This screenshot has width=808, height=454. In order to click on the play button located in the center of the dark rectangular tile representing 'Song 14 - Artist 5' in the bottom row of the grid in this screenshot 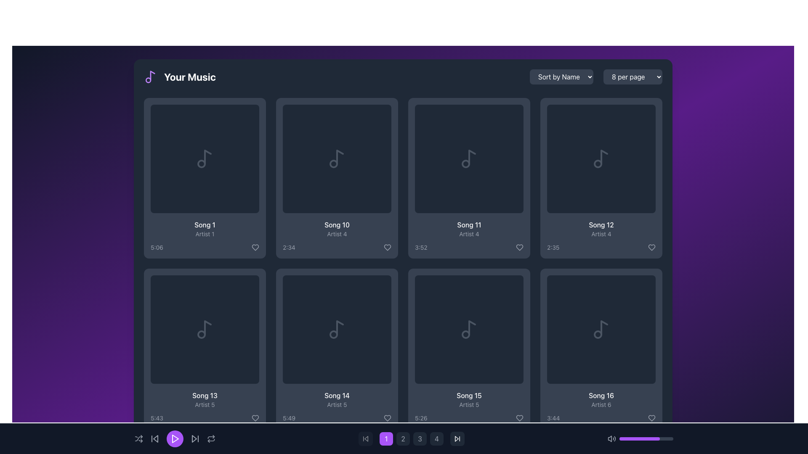, I will do `click(337, 329)`.